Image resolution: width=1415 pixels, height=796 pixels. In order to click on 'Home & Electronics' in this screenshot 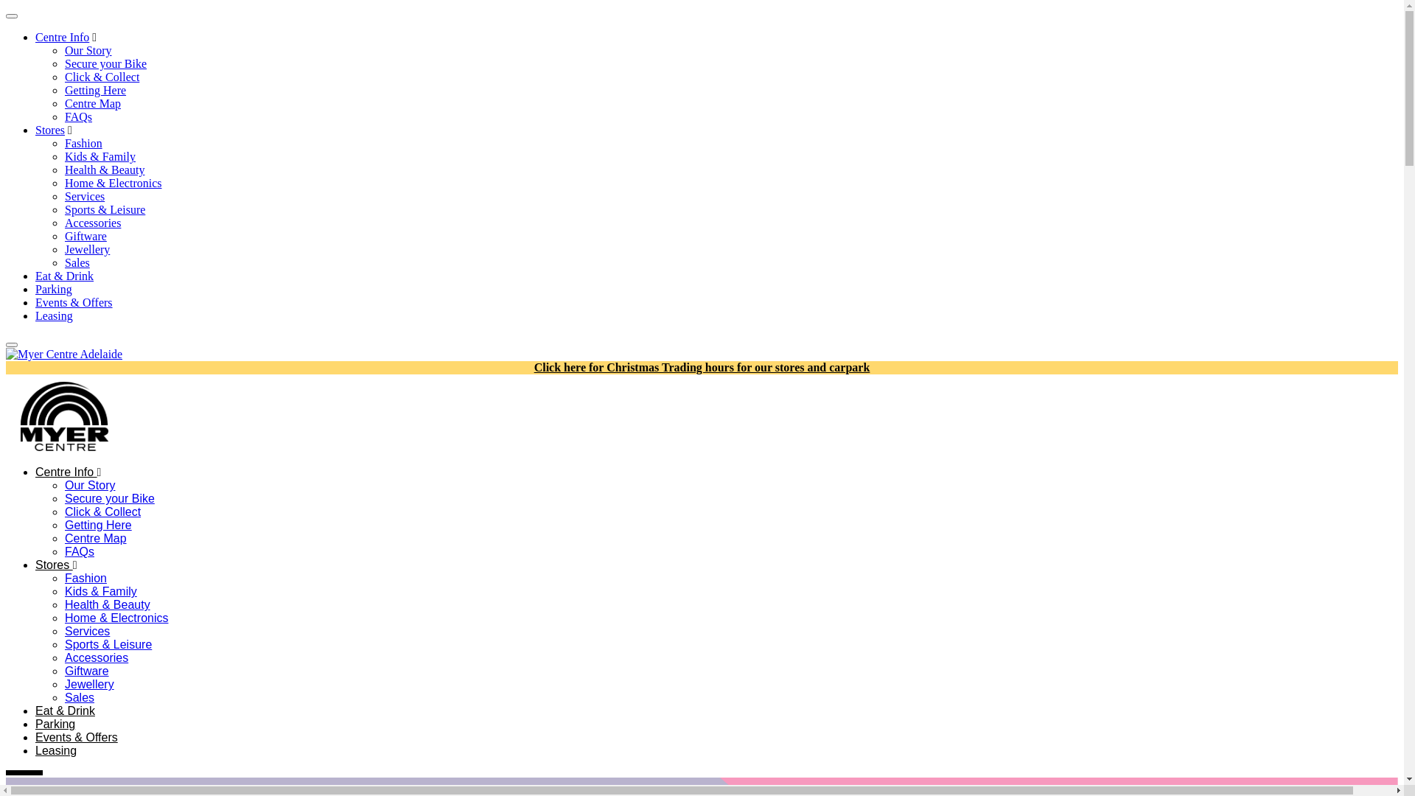, I will do `click(116, 618)`.